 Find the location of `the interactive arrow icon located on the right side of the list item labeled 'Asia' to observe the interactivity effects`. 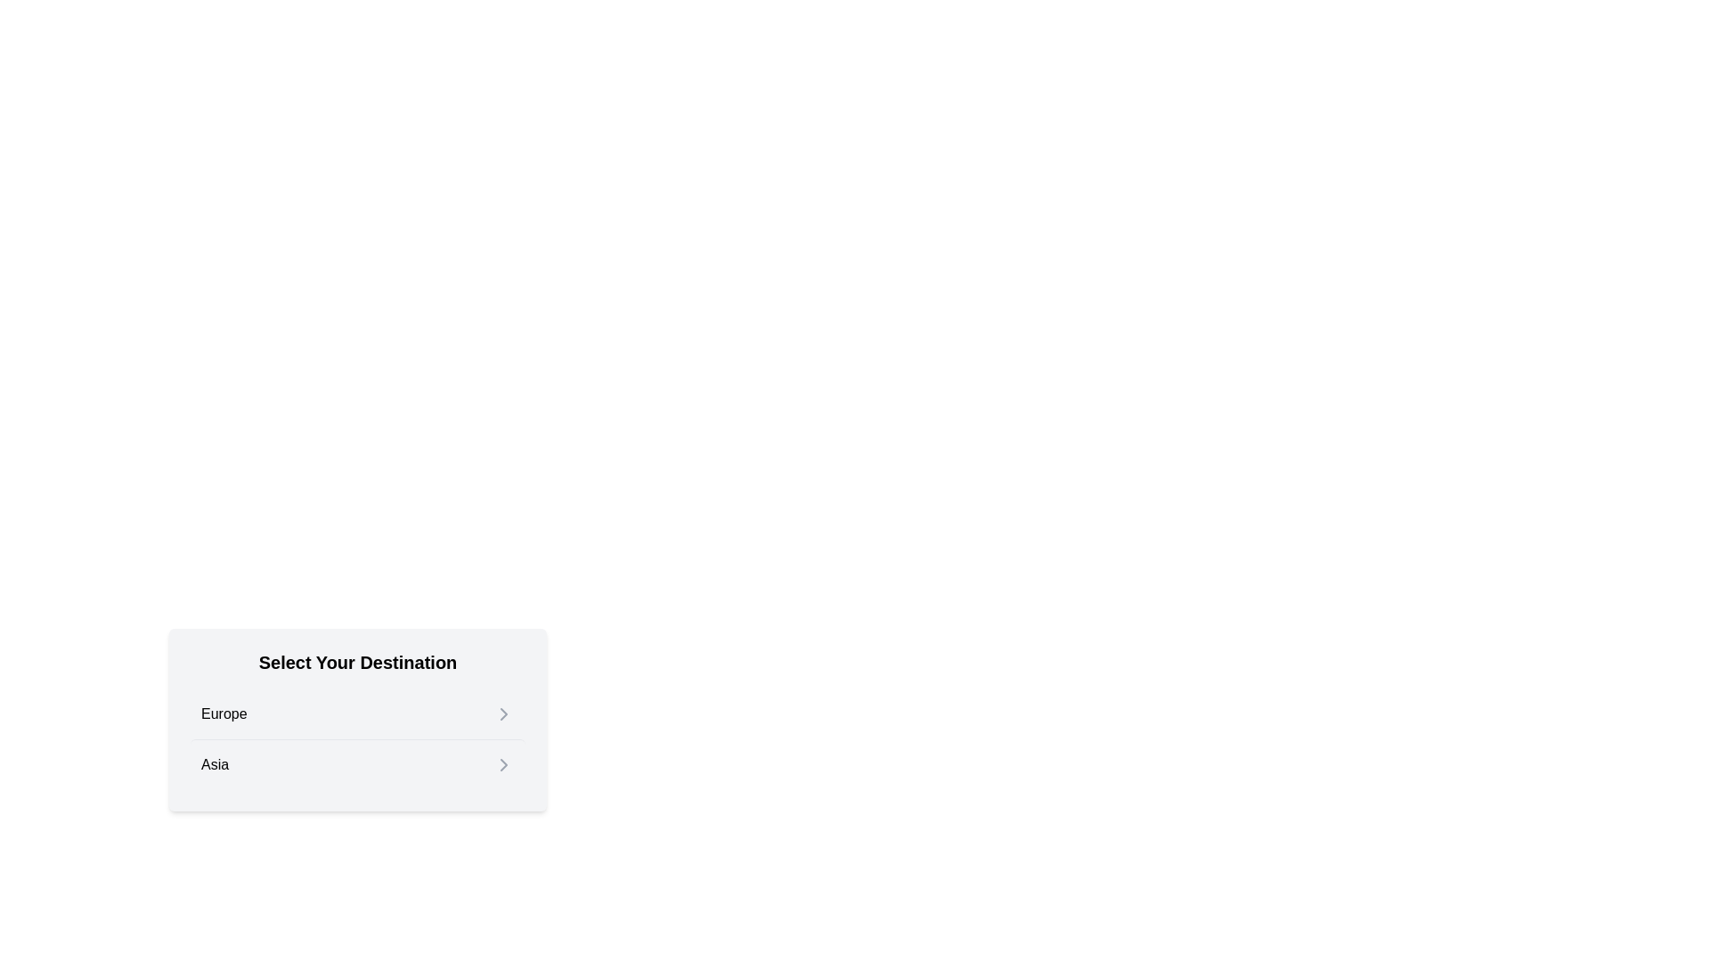

the interactive arrow icon located on the right side of the list item labeled 'Asia' to observe the interactivity effects is located at coordinates (503, 764).